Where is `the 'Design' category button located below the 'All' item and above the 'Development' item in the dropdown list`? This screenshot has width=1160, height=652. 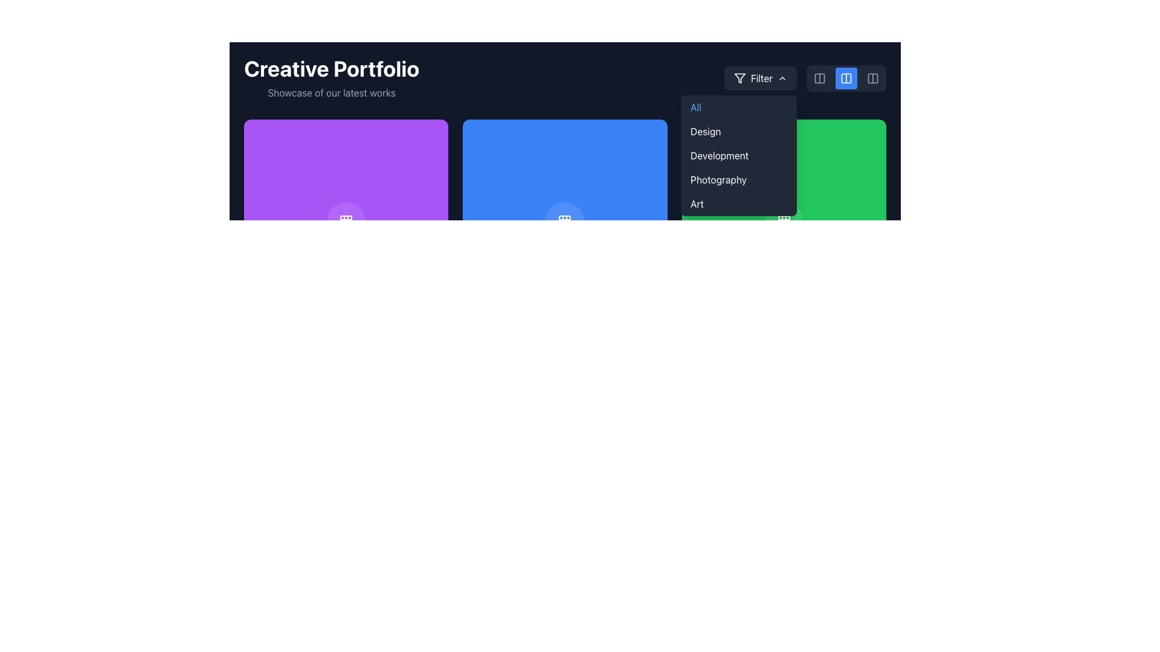 the 'Design' category button located below the 'All' item and above the 'Development' item in the dropdown list is located at coordinates (738, 132).